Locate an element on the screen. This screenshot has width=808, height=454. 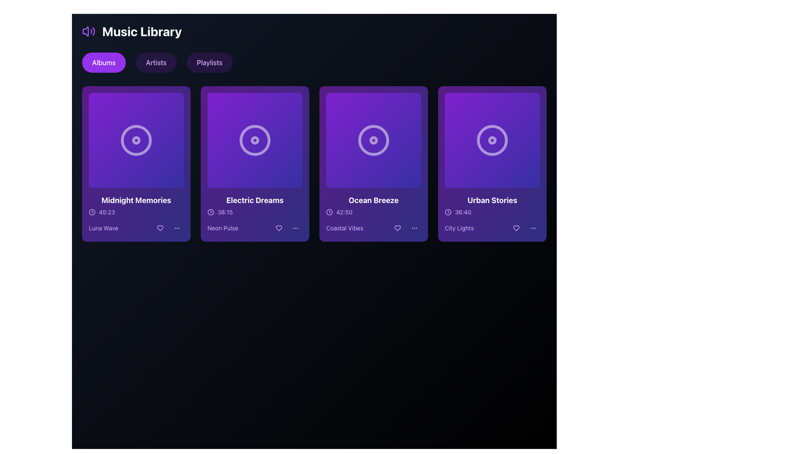
the play button located in the center of the fourth purple card titled 'Urban Stories' under the 'Albums' section is located at coordinates (492, 140).